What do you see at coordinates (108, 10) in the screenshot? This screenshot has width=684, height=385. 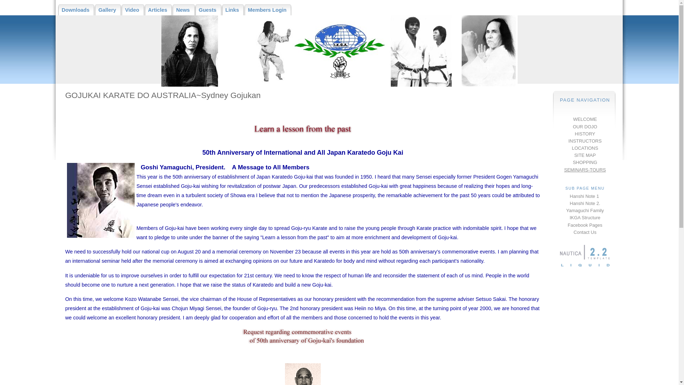 I see `'Gallery'` at bounding box center [108, 10].